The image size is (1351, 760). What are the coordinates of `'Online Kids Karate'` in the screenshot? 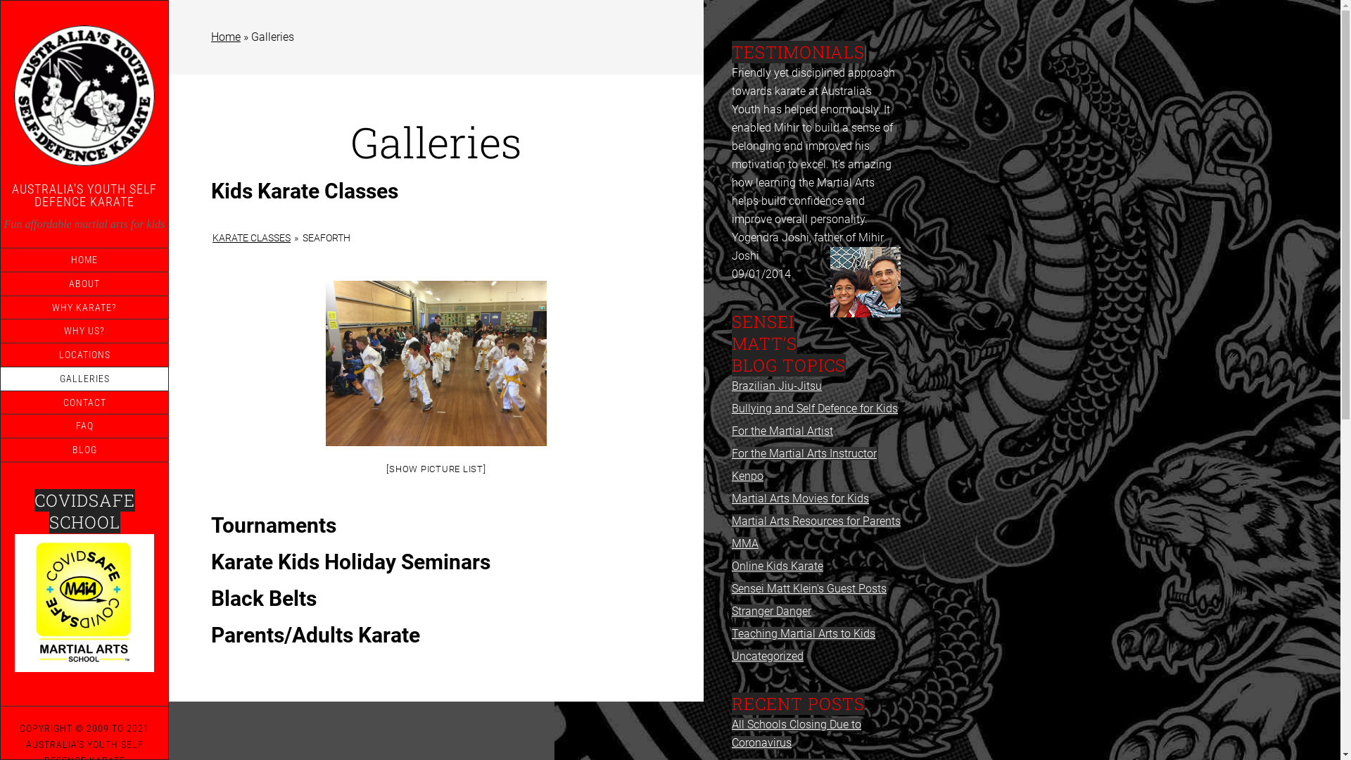 It's located at (732, 565).